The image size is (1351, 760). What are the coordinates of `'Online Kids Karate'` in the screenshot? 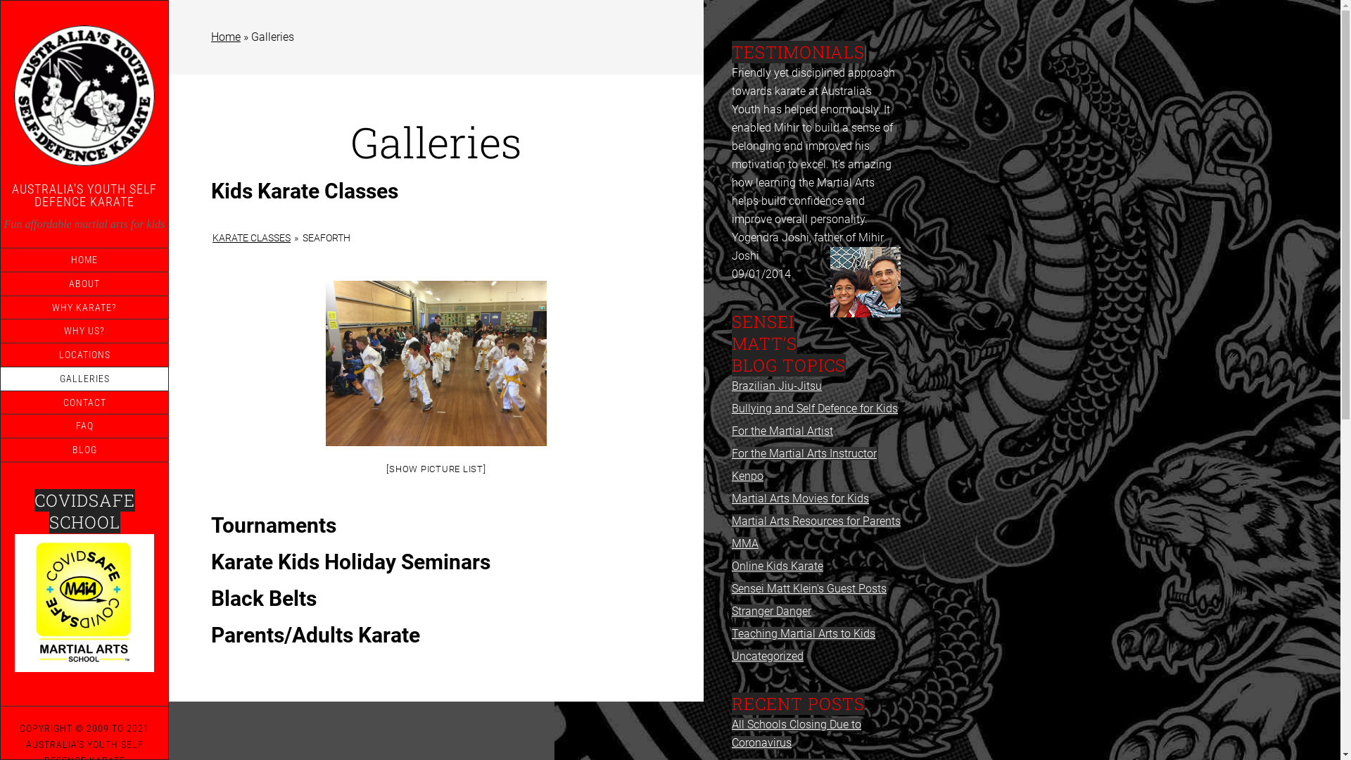 It's located at (732, 565).